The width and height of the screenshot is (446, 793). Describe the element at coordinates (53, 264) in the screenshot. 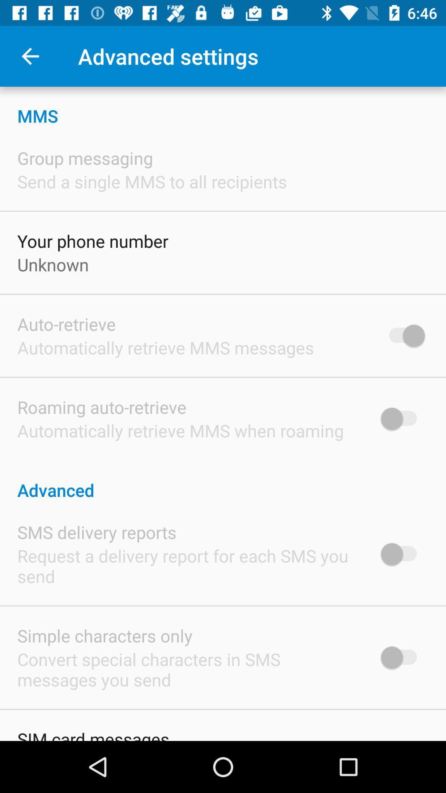

I see `the unknown icon` at that location.